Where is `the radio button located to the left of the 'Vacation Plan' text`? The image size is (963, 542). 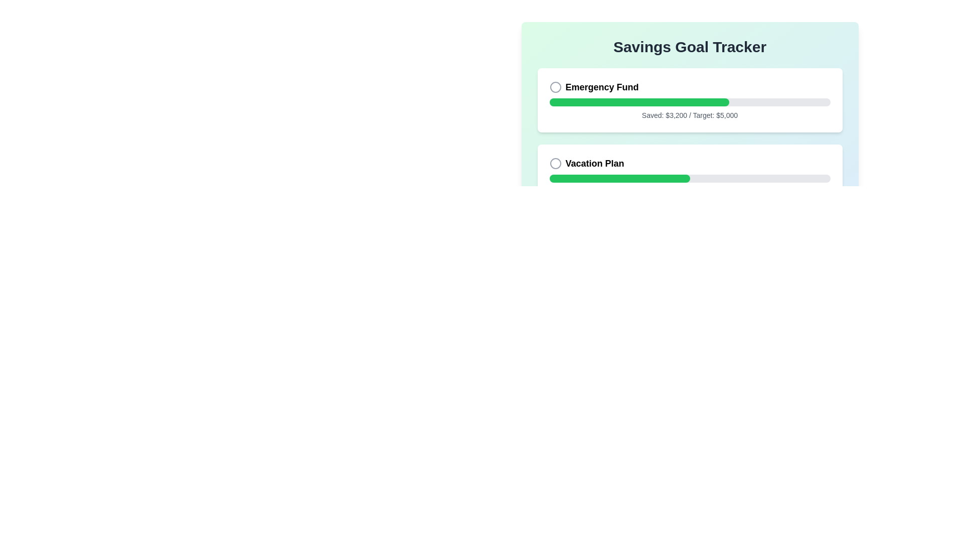
the radio button located to the left of the 'Vacation Plan' text is located at coordinates (555, 163).